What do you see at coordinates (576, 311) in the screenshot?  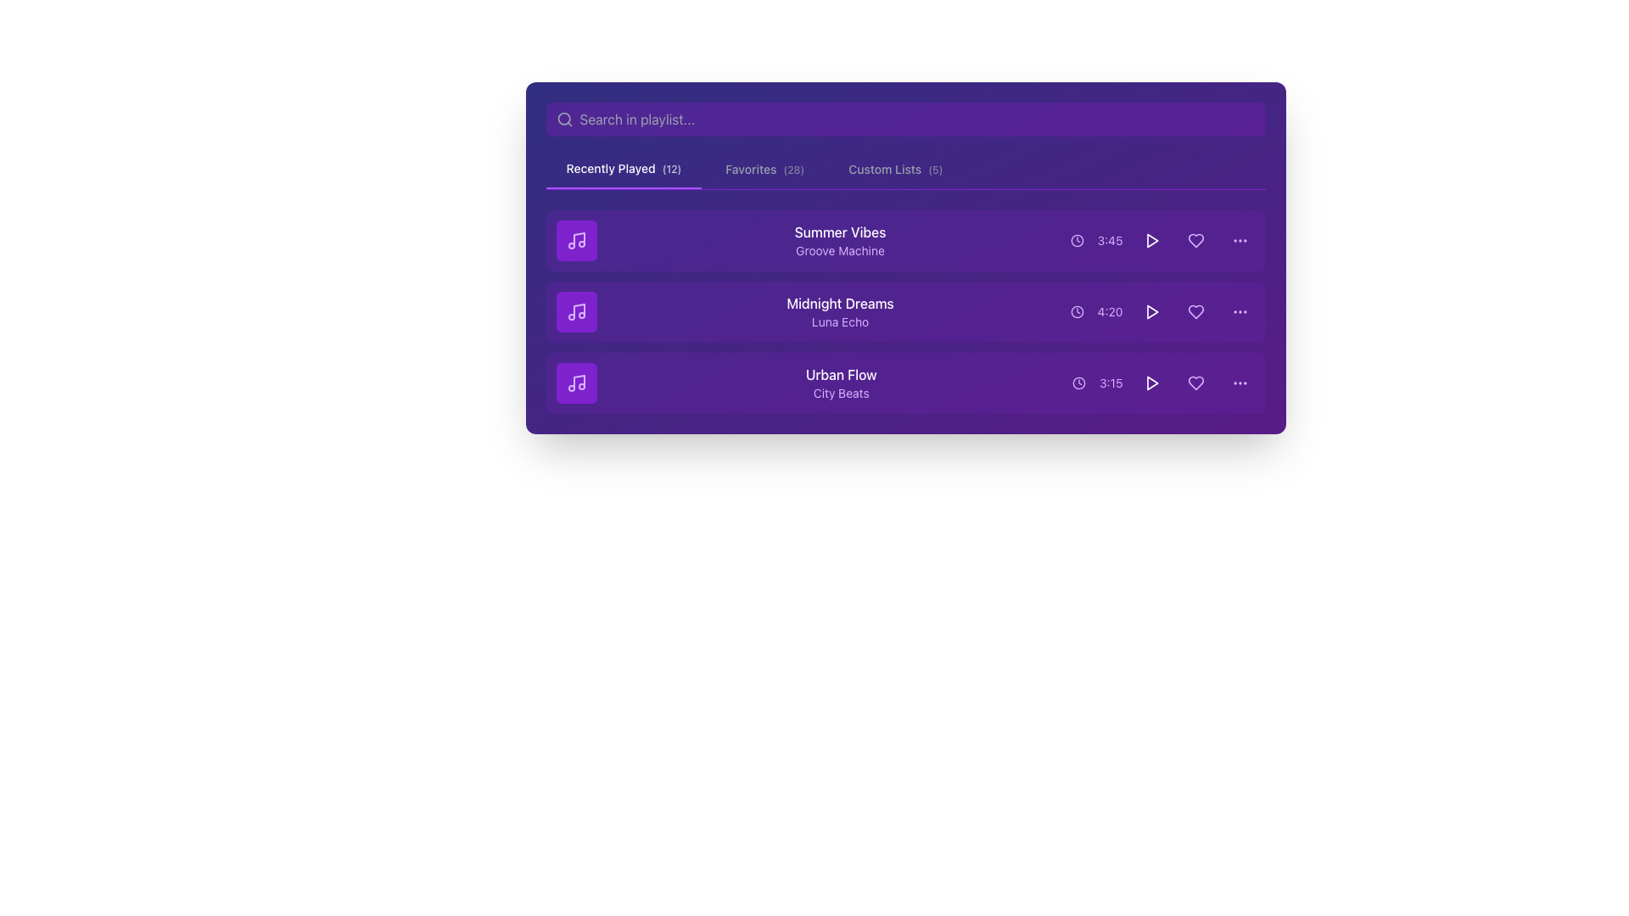 I see `the square-shaped purple icon with a white musical note symbol, located to the left of the 'Midnight Dreams' list item in the 'Recently Played' section` at bounding box center [576, 311].